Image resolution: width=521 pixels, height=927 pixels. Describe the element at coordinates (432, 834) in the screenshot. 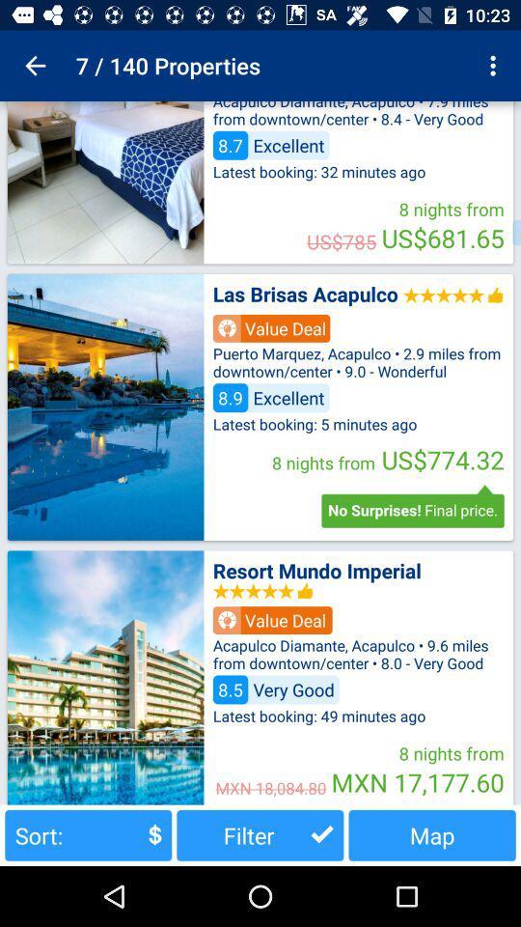

I see `the item below mxn 17 177 item` at that location.